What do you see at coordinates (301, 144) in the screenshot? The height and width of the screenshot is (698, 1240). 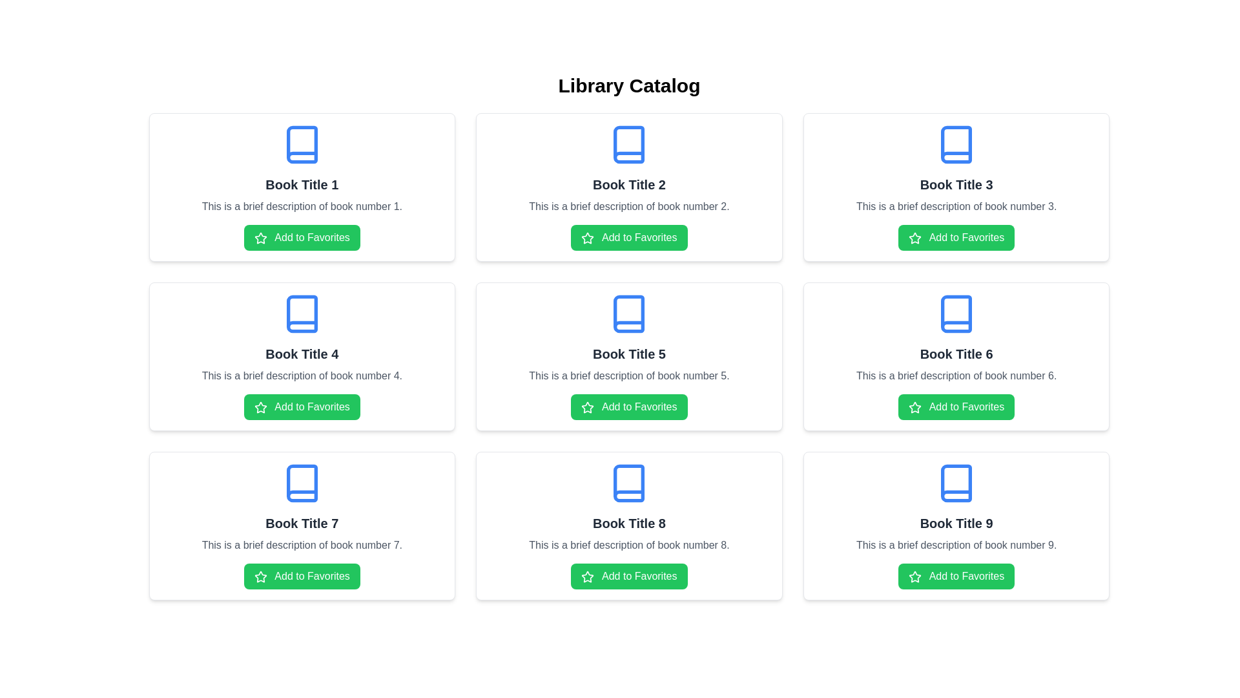 I see `the icon representing the book in the card labeled 'Book Title 1', which is located at the top center of the card, above the title and description text` at bounding box center [301, 144].